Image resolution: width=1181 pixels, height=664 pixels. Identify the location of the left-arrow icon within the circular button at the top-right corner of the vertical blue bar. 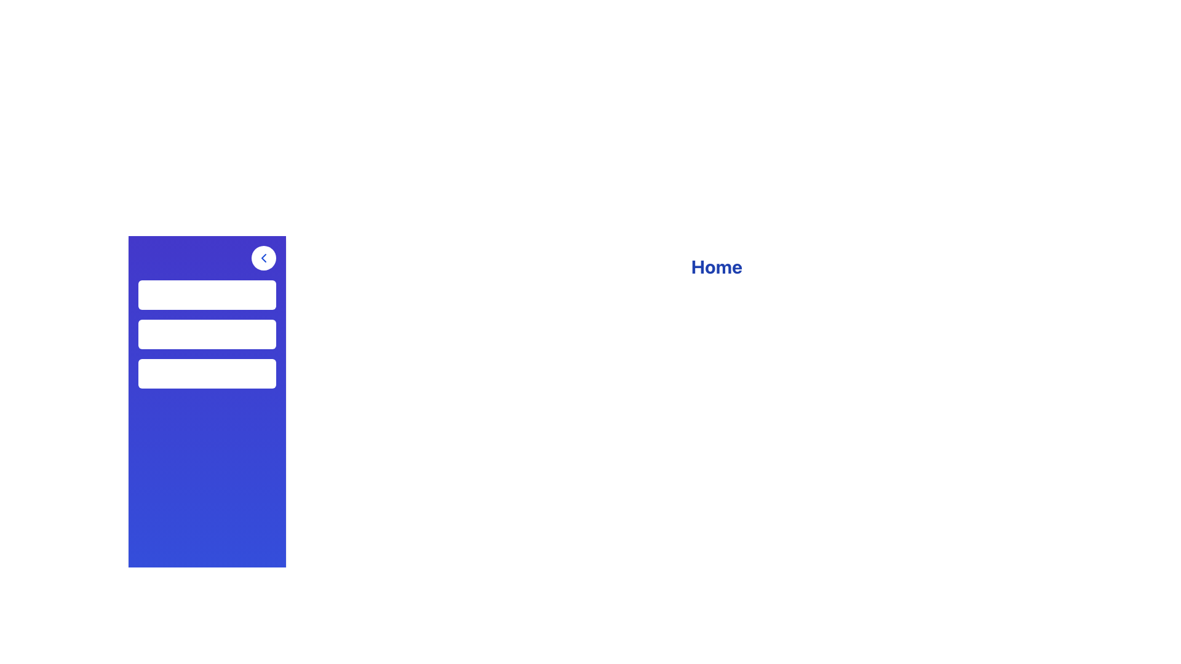
(263, 258).